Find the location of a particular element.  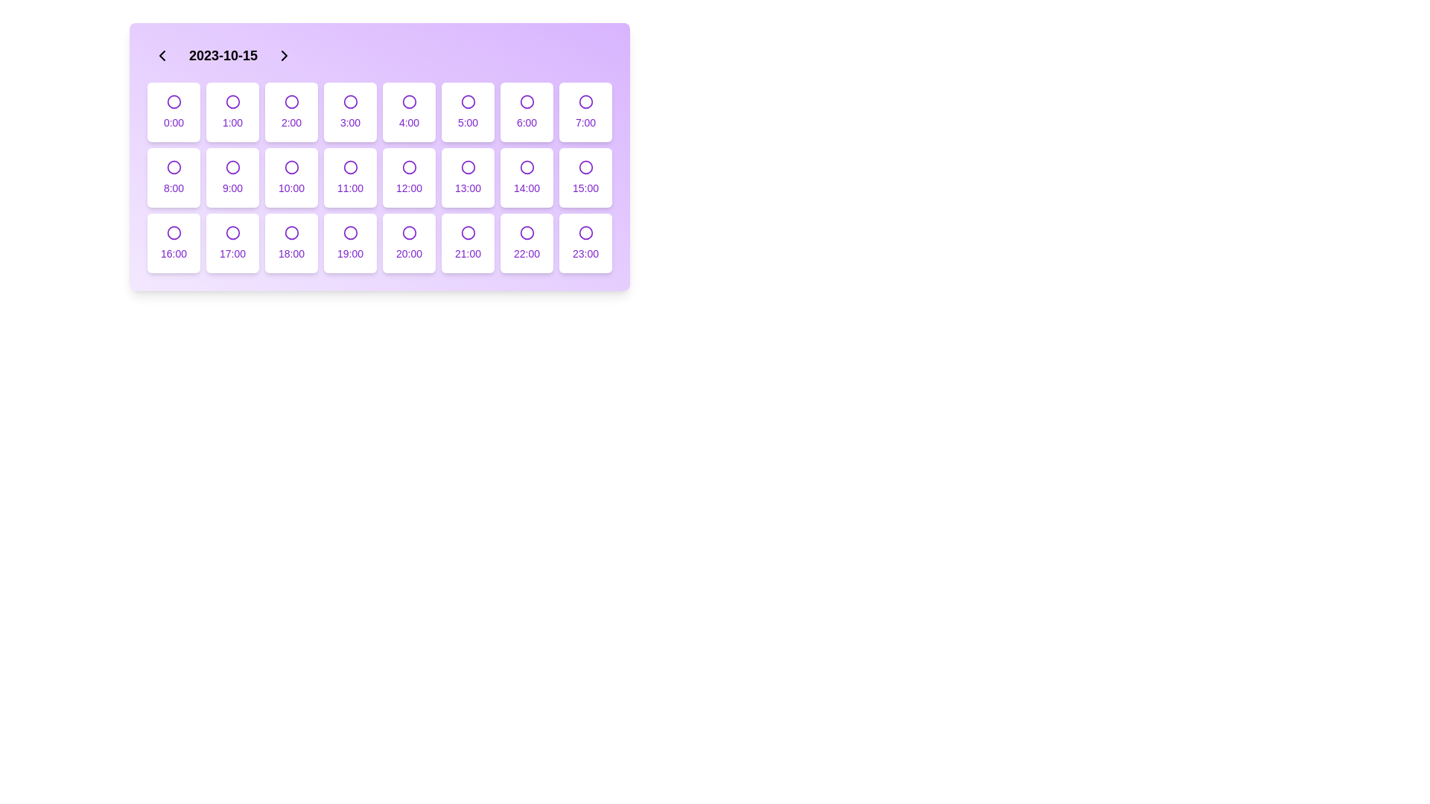

the button displaying '14:00' with a purple circle icon above it, located in the third row and fourth column of the grid layout is located at coordinates (527, 177).